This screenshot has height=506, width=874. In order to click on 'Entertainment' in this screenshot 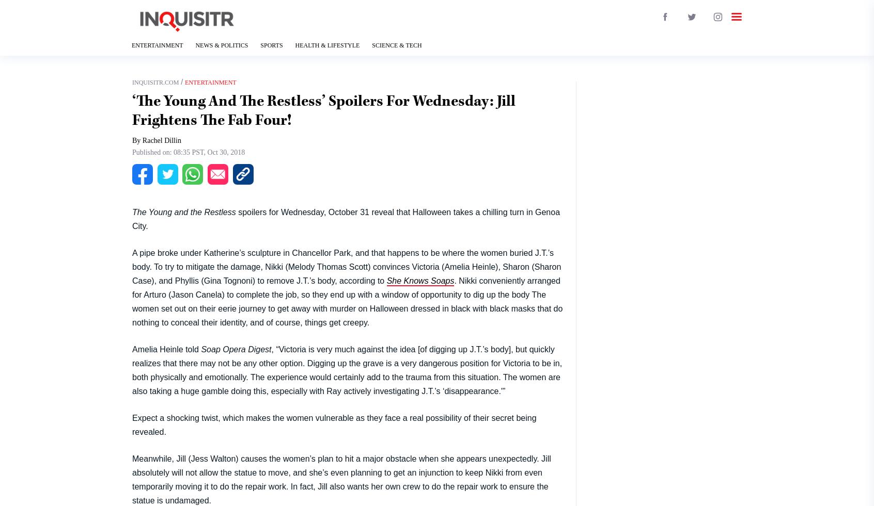, I will do `click(210, 82)`.